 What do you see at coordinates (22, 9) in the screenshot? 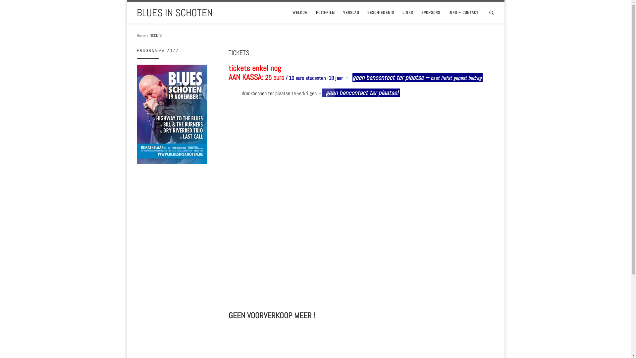
I see `'Skip to content'` at bounding box center [22, 9].